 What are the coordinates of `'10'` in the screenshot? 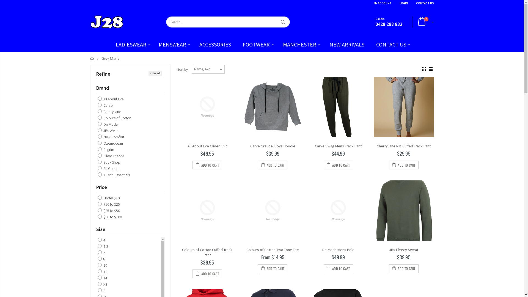 It's located at (103, 265).